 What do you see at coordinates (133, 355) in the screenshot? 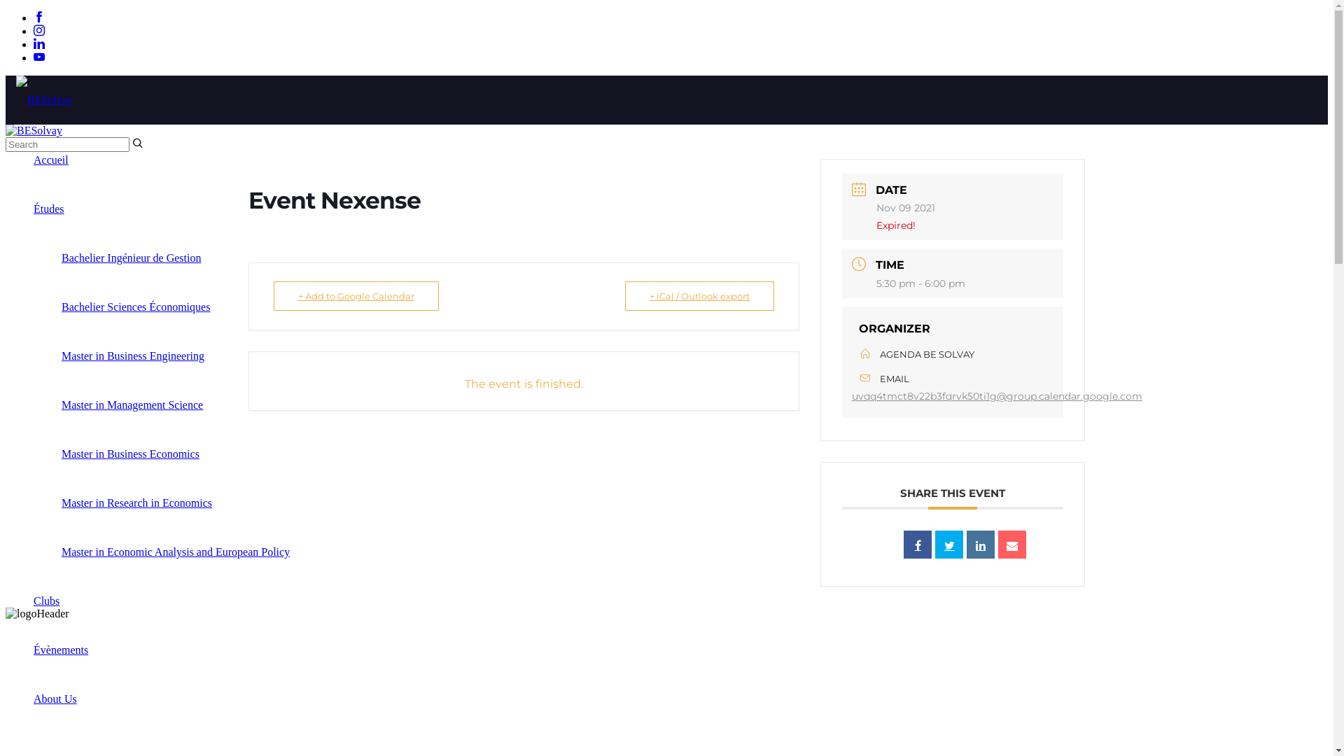
I see `'Master in Business Engineering'` at bounding box center [133, 355].